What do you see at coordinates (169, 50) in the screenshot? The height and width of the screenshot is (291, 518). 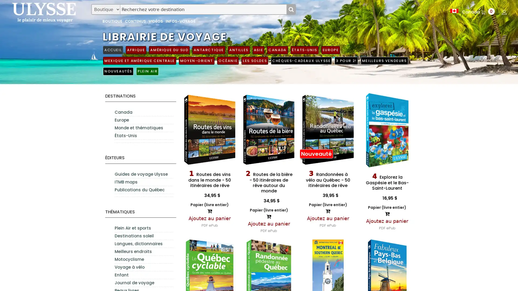 I see `AMERIQUE DU SUD` at bounding box center [169, 50].